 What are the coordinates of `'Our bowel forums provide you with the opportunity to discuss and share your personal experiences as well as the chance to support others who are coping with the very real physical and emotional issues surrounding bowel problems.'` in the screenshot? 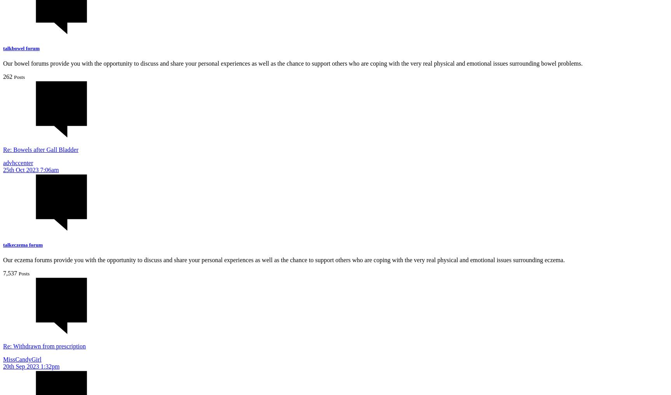 It's located at (3, 63).